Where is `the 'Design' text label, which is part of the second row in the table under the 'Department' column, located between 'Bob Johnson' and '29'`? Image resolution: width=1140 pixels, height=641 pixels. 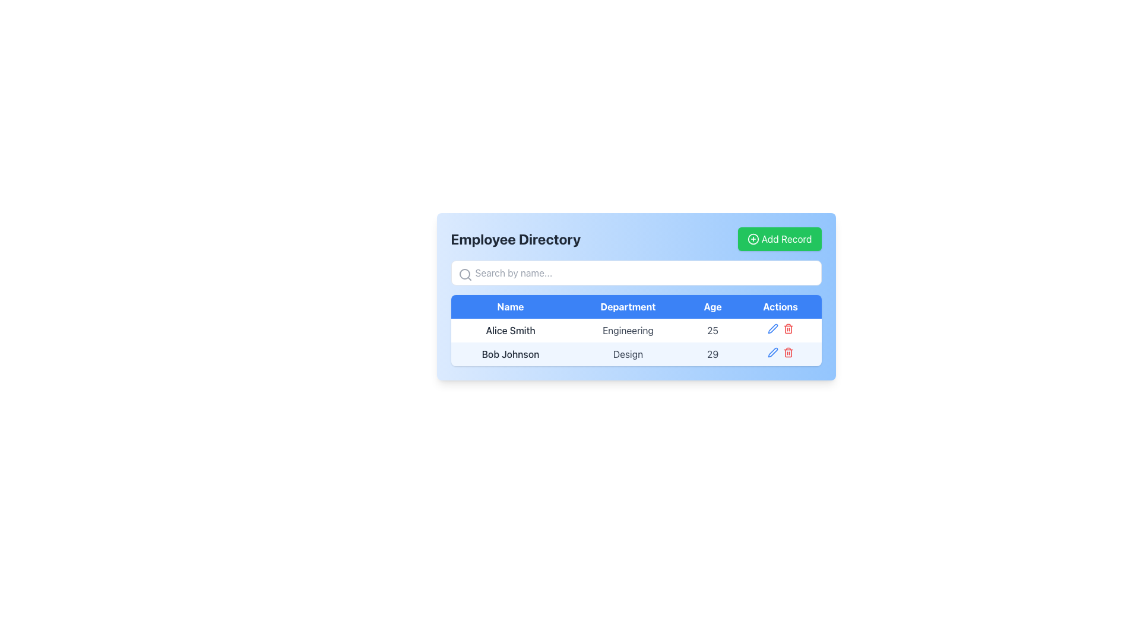
the 'Design' text label, which is part of the second row in the table under the 'Department' column, located between 'Bob Johnson' and '29' is located at coordinates (627, 354).